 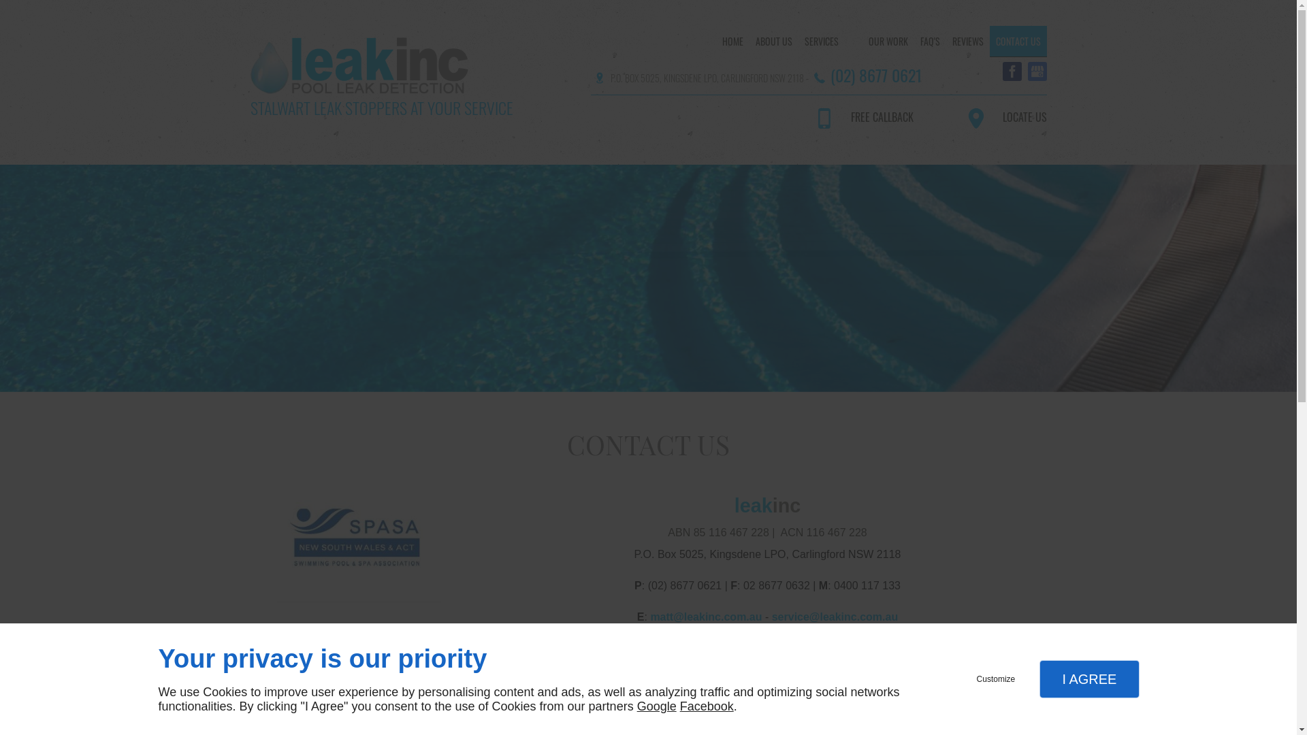 I want to click on 'LOCATE US', so click(x=999, y=116).